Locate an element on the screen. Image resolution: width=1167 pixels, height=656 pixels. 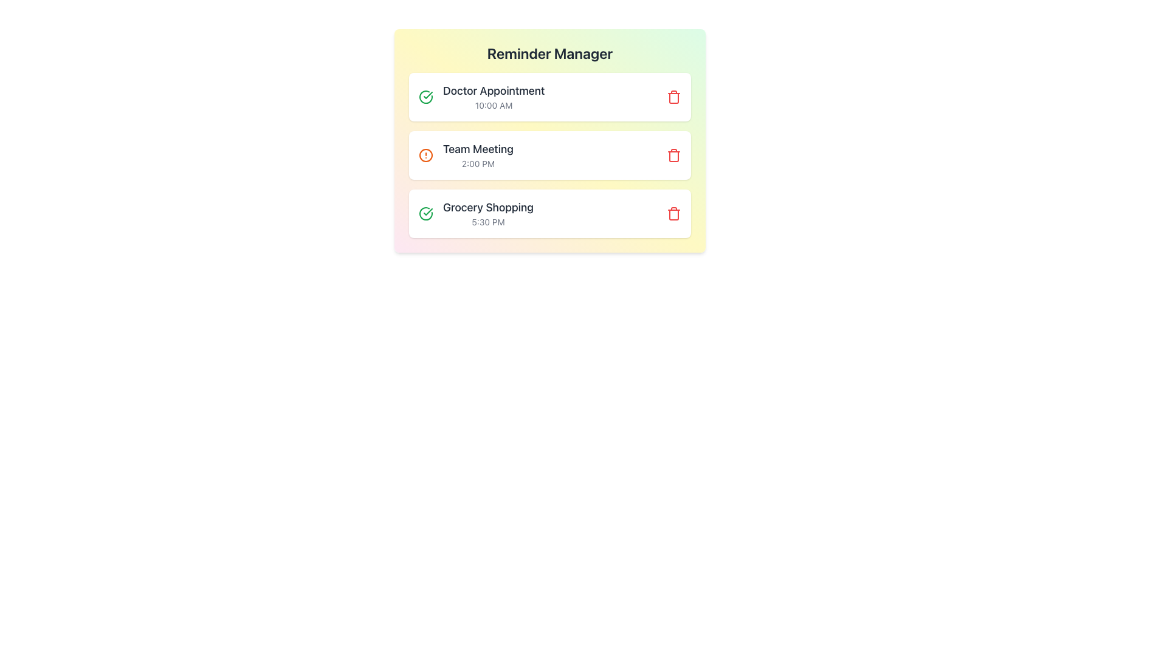
the Checkmark SVG icon located next to the text 'Doctor Appointment' in the first reminder row of the reminder manager interface is located at coordinates (428, 211).